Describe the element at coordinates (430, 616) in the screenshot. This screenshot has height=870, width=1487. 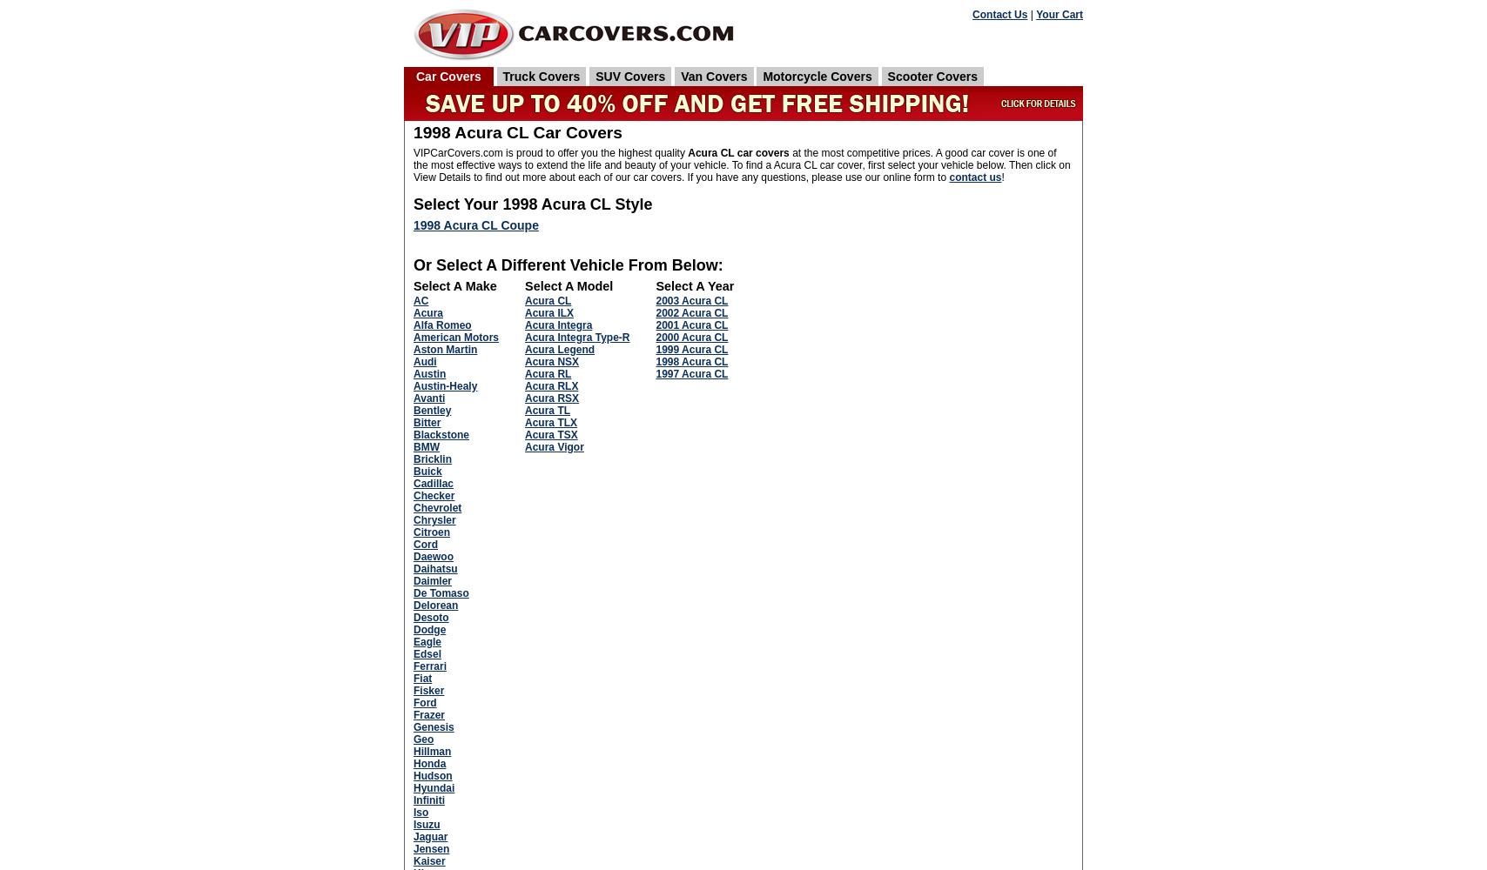
I see `'Desoto'` at that location.